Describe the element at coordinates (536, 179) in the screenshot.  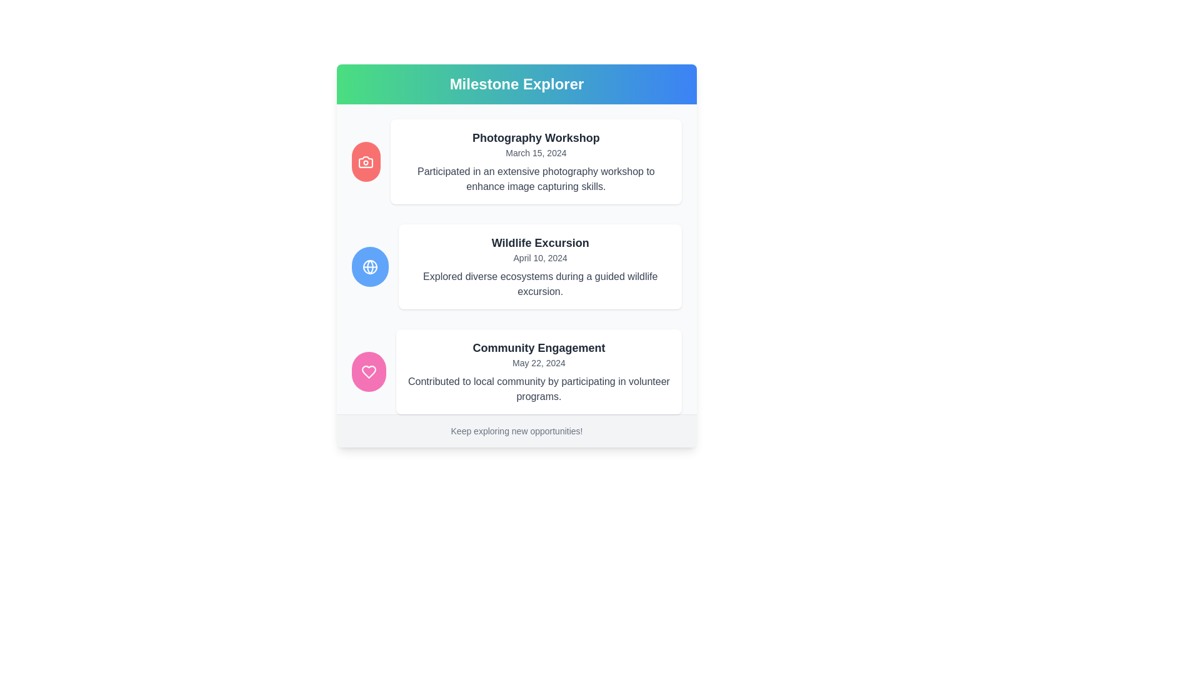
I see `the text block styled in gray, containing the paragraph: 'Participated in an extensive photography workshop to enhance image capturing skills.', located beneath 'March 15, 2024' and the title 'Photography Workshop'` at that location.